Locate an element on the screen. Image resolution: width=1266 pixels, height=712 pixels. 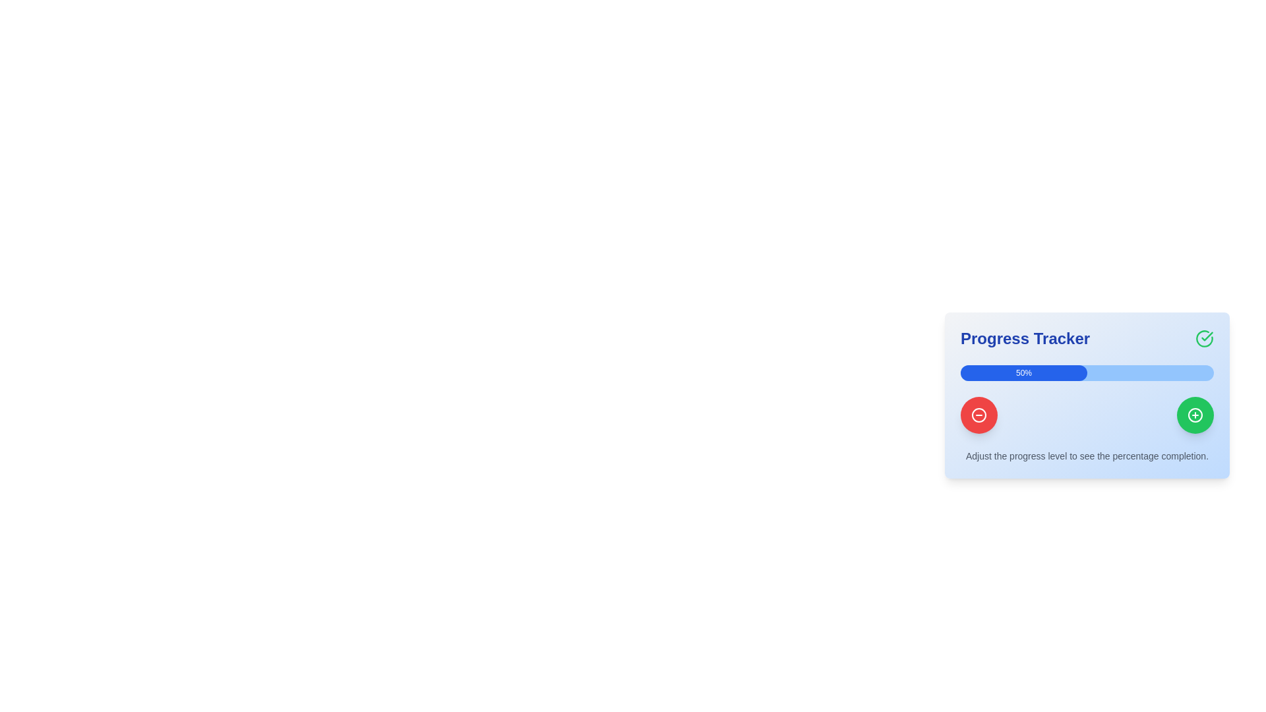
percentage value displayed on the progress bar segment, which indicates 50% completion in the 'Progress Tracker' card is located at coordinates (1023, 373).